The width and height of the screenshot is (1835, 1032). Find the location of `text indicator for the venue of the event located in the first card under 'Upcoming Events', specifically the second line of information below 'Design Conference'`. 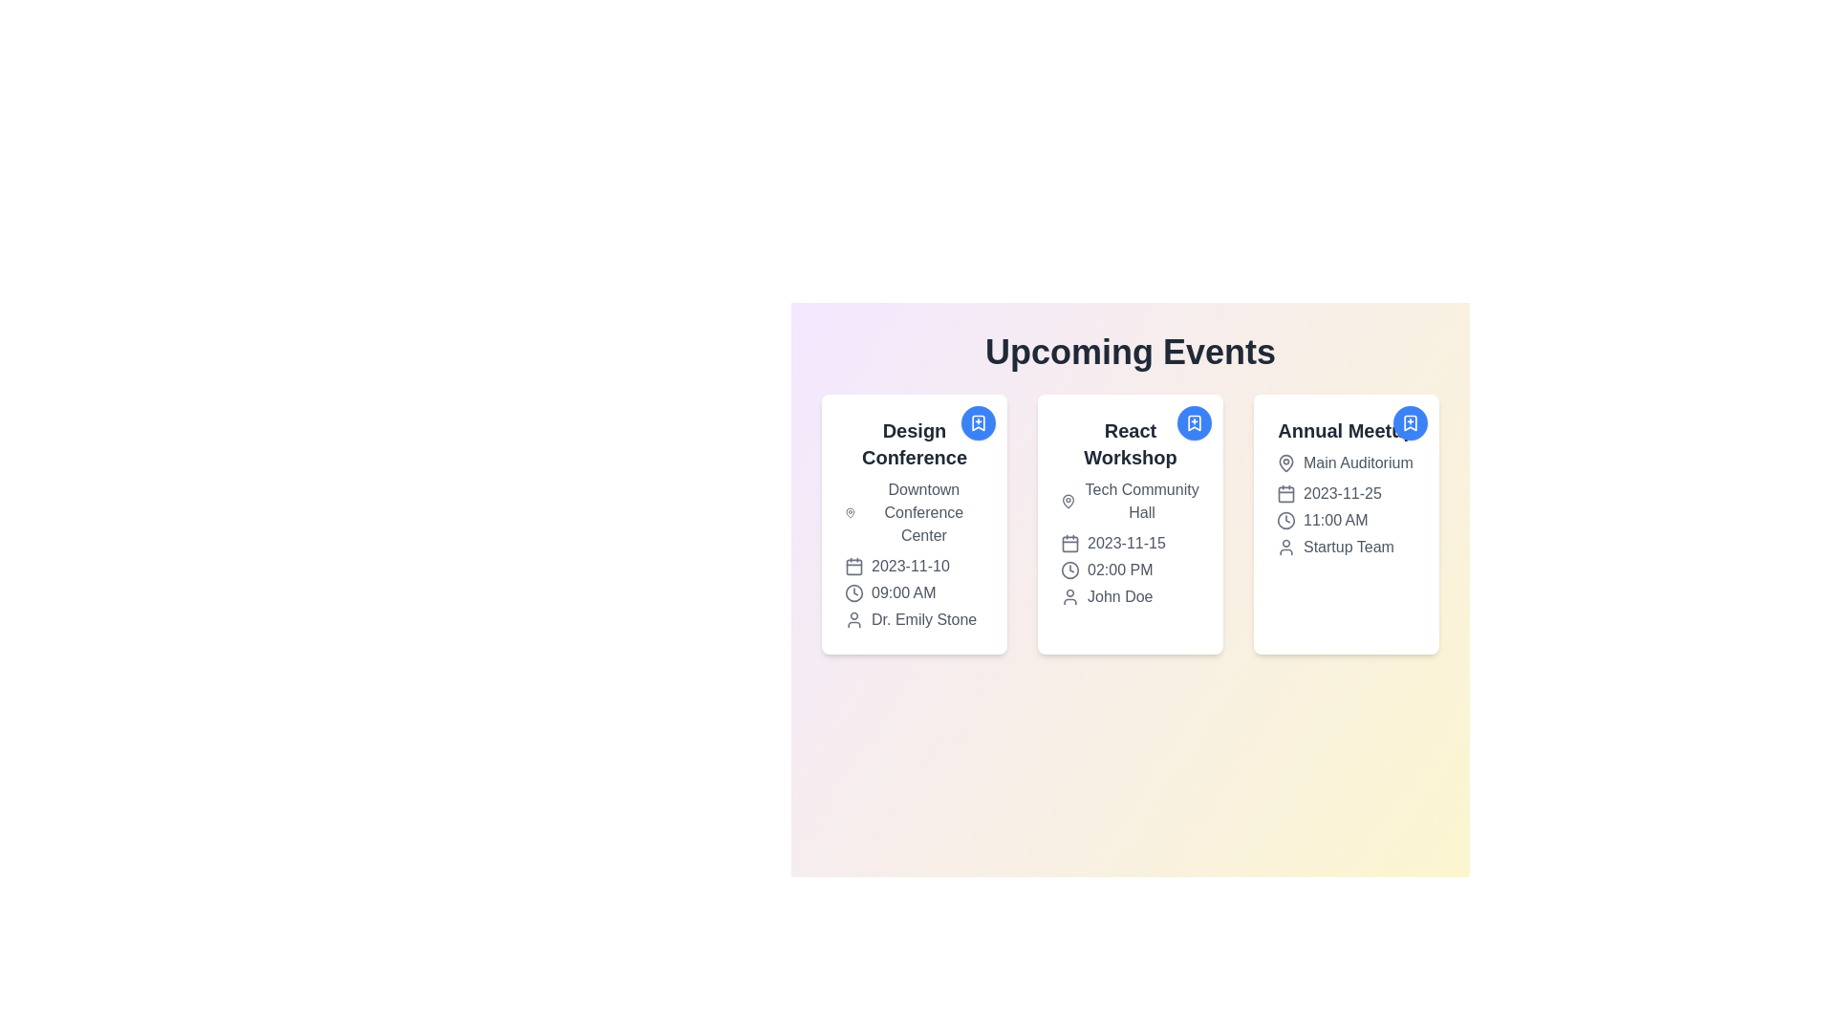

text indicator for the venue of the event located in the first card under 'Upcoming Events', specifically the second line of information below 'Design Conference' is located at coordinates (913, 511).